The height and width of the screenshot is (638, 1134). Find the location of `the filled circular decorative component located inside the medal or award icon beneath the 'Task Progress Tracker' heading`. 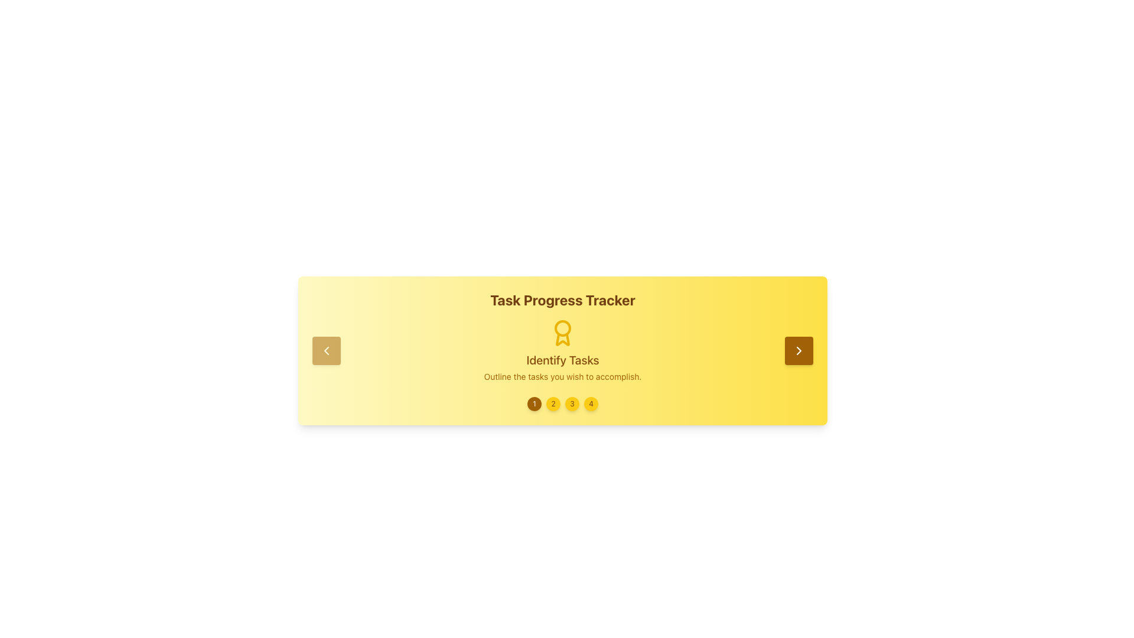

the filled circular decorative component located inside the medal or award icon beneath the 'Task Progress Tracker' heading is located at coordinates (562, 328).